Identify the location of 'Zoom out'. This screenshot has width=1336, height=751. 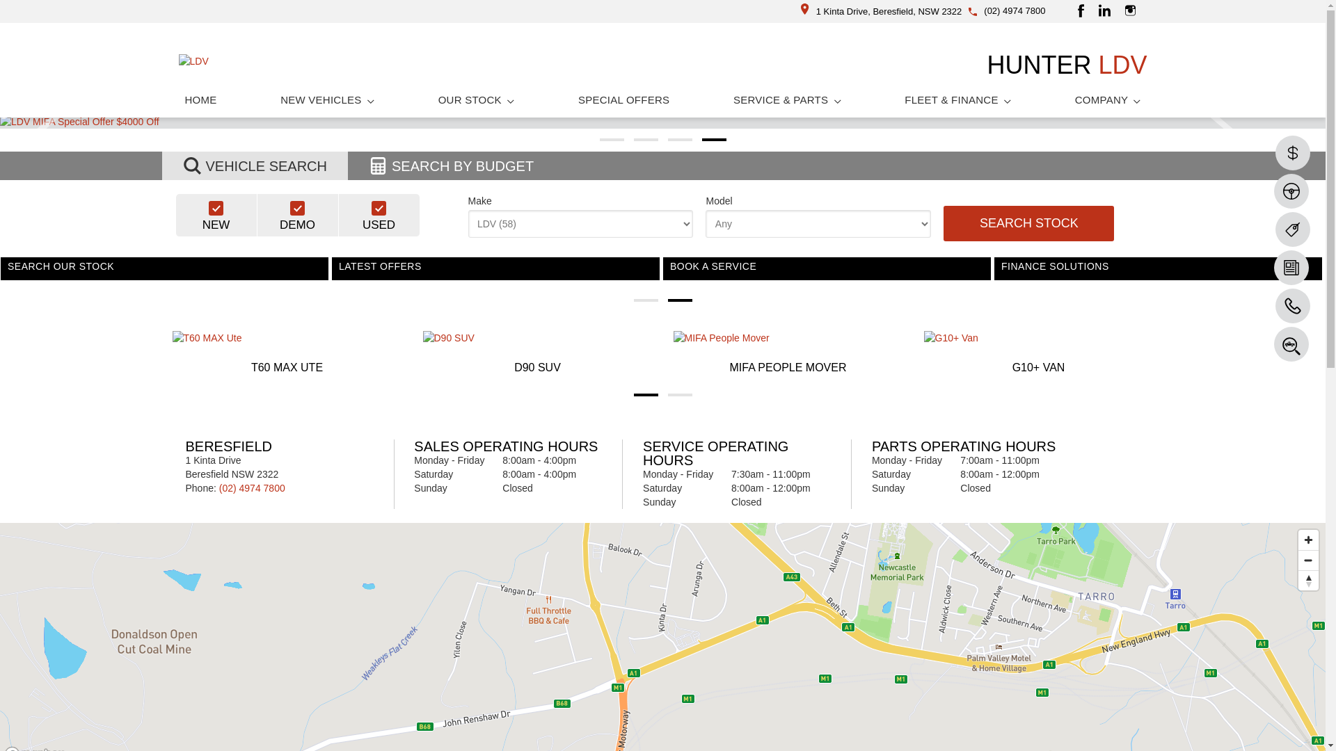
(1307, 559).